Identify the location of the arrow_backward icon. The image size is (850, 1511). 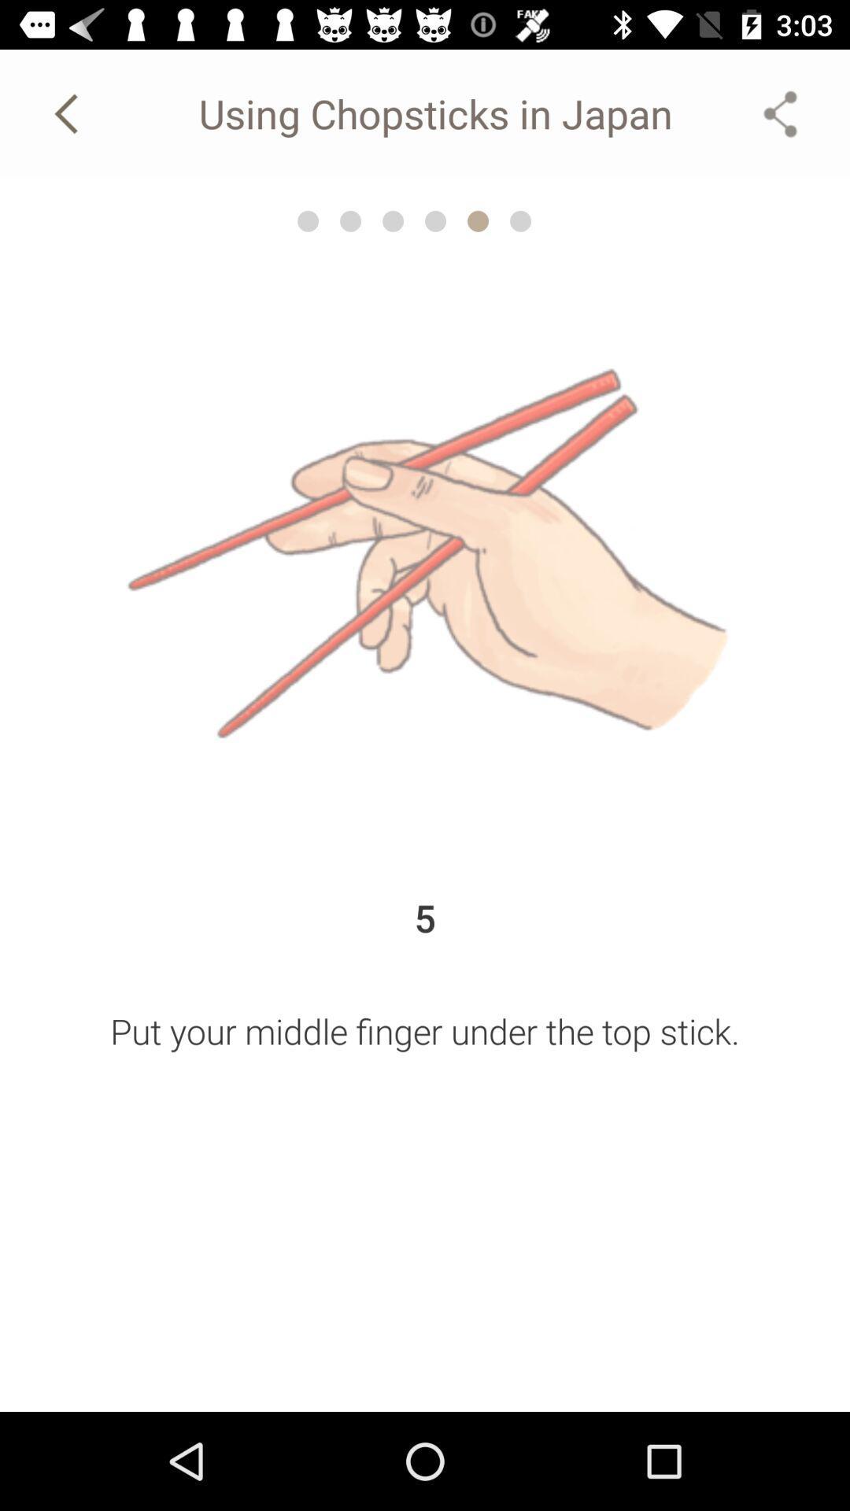
(68, 113).